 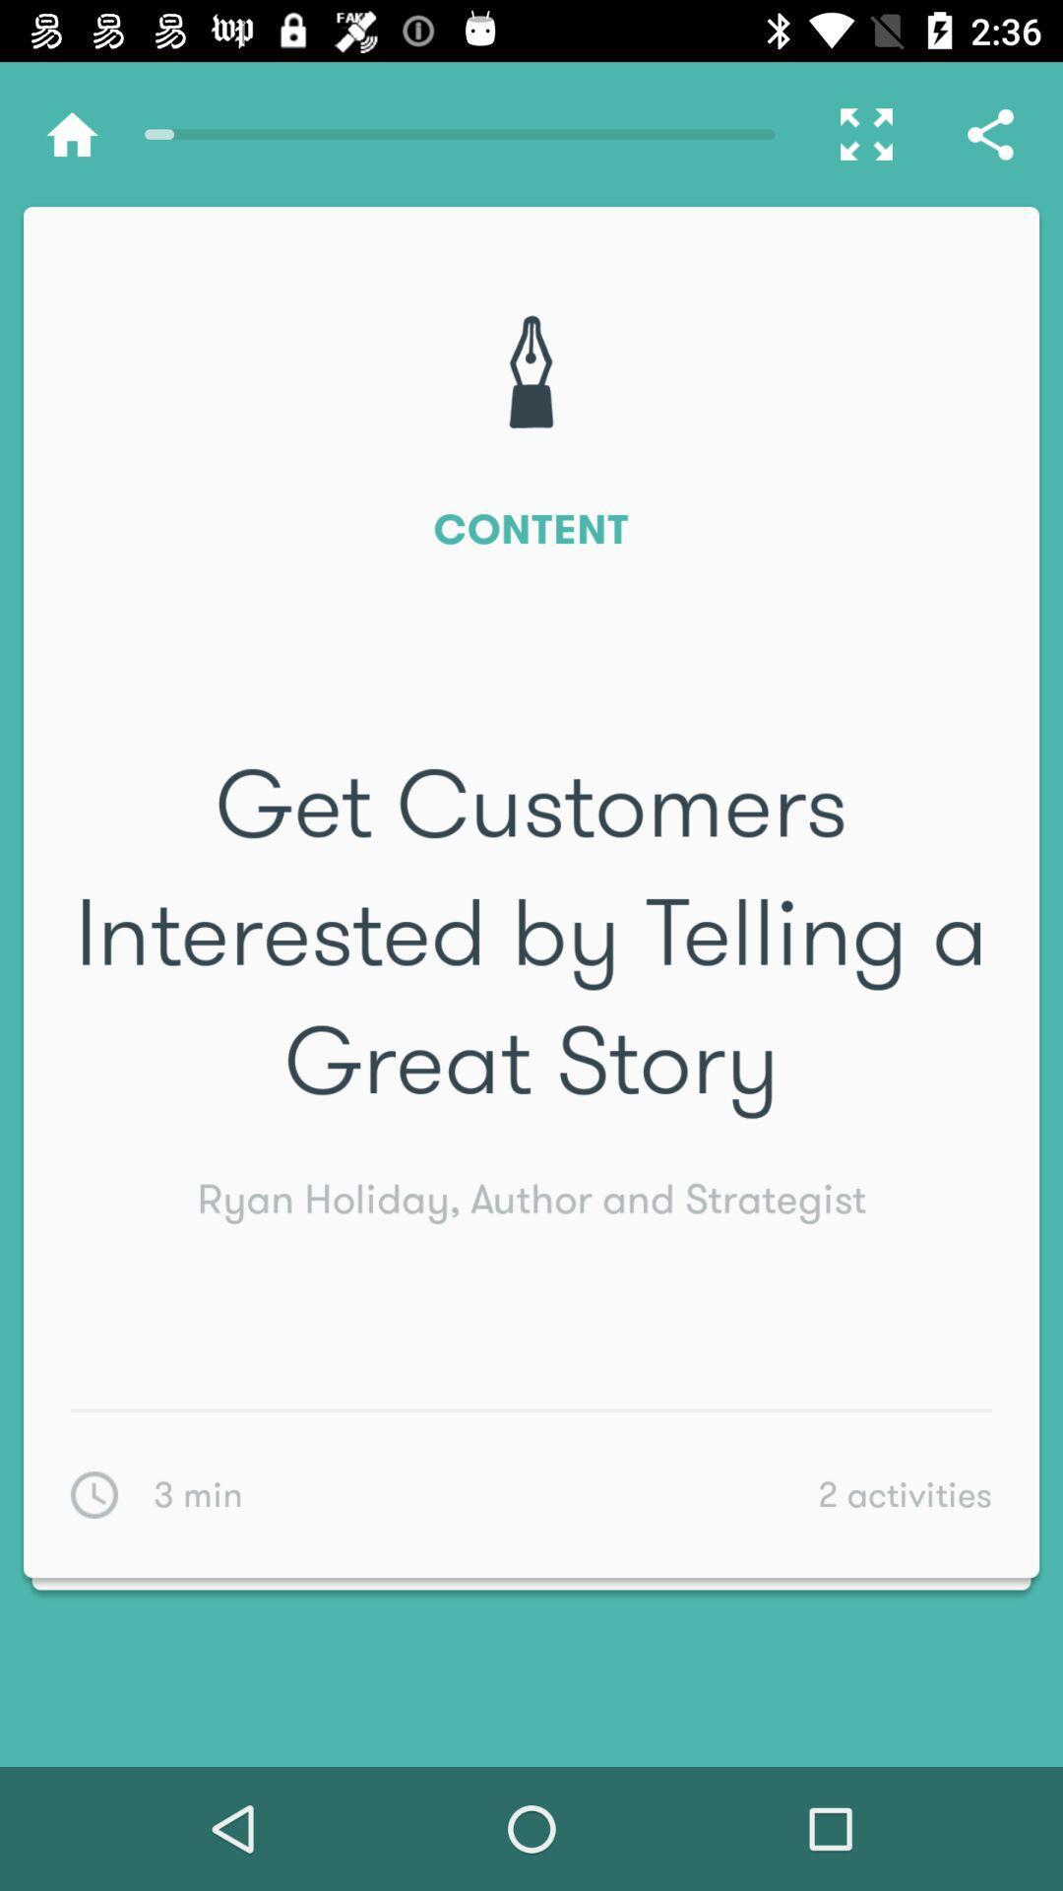 I want to click on the home icon, so click(x=71, y=133).